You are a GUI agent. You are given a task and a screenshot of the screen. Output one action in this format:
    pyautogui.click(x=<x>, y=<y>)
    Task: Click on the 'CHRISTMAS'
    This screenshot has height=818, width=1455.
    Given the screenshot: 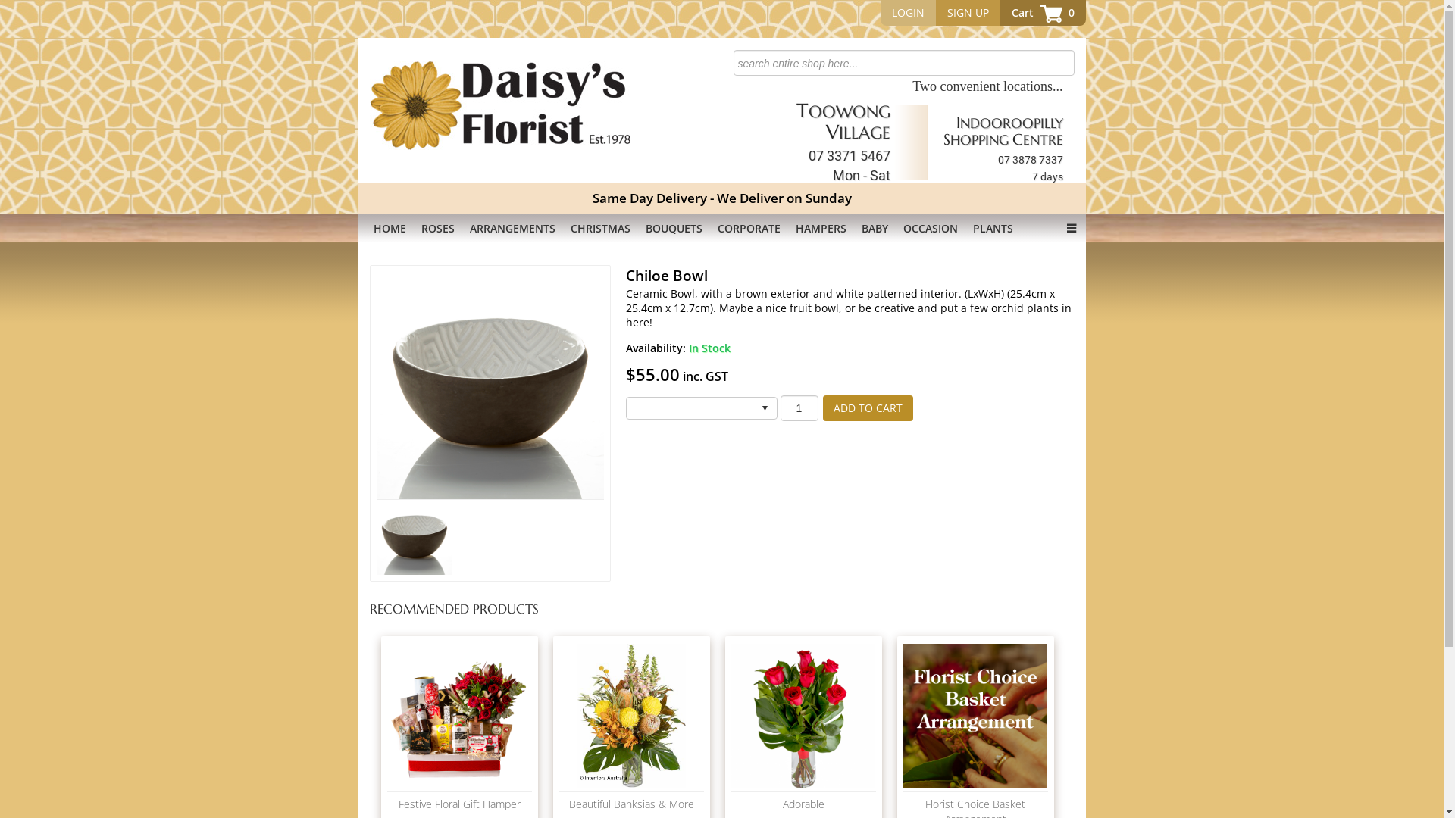 What is the action you would take?
    pyautogui.click(x=599, y=228)
    